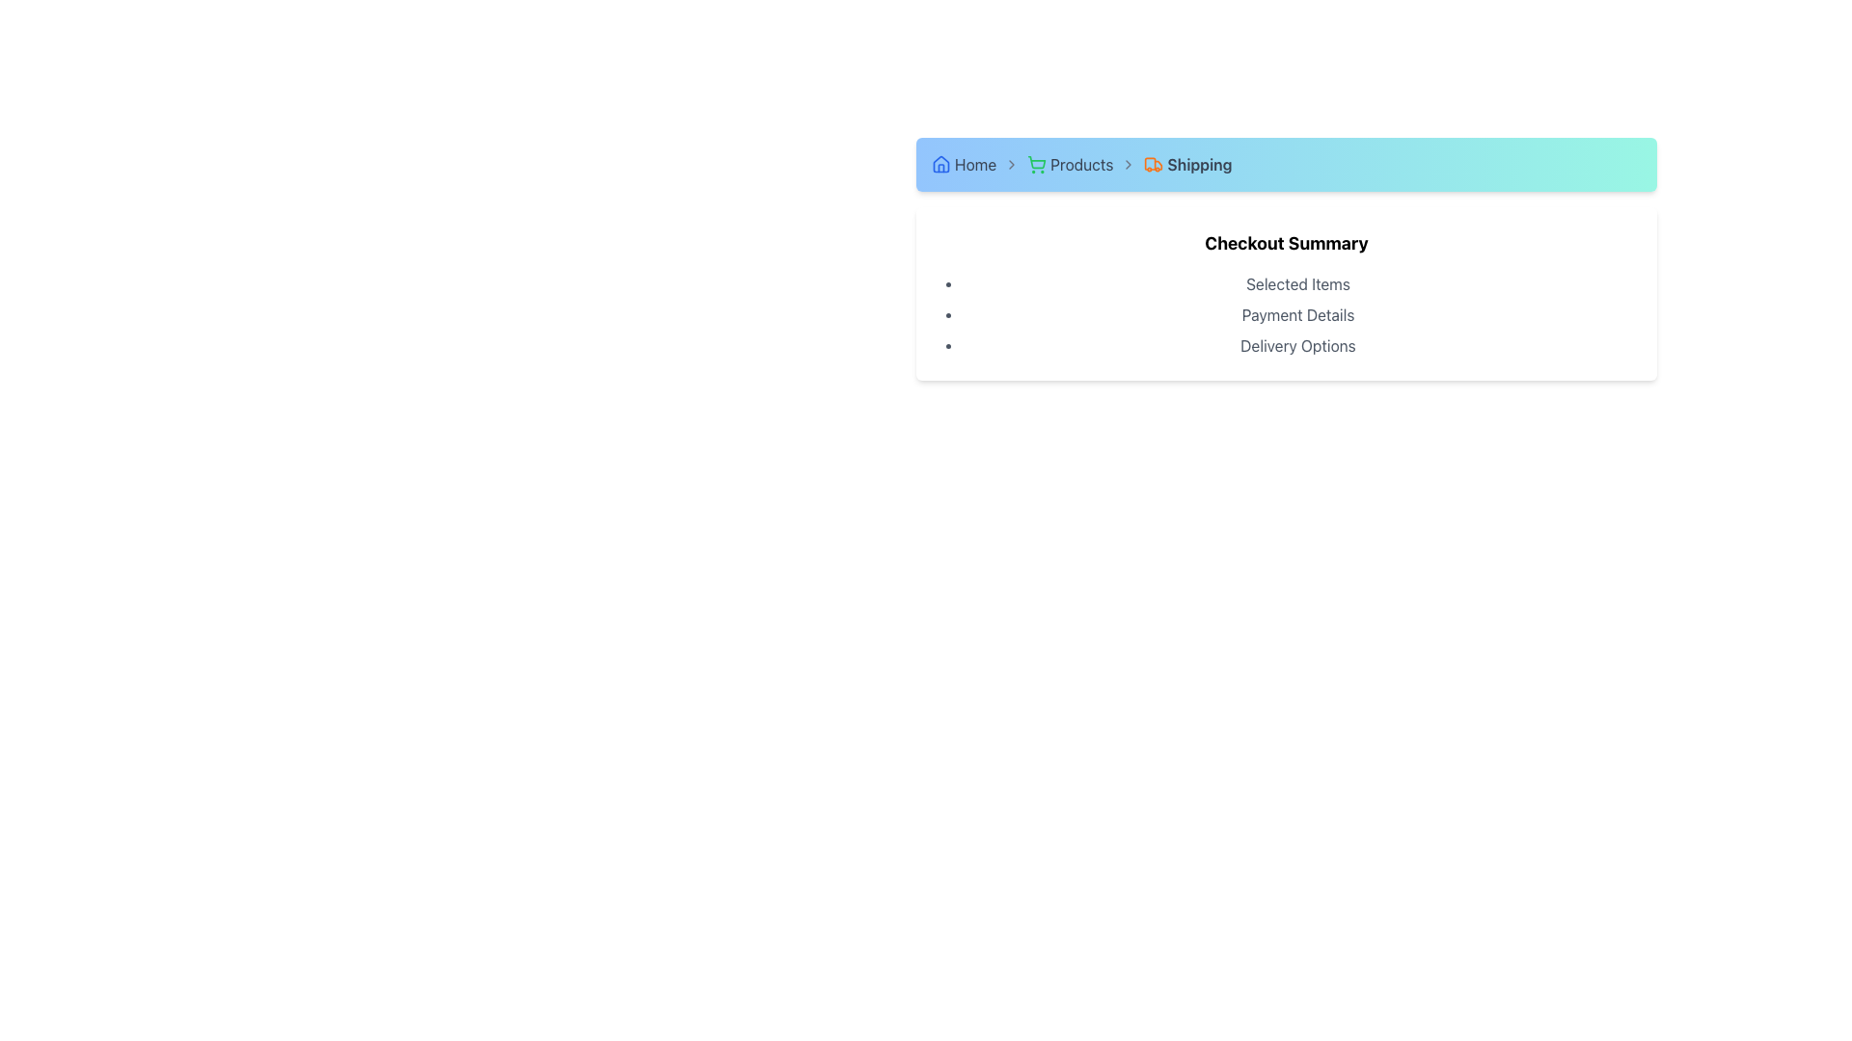 This screenshot has height=1041, width=1852. What do you see at coordinates (1151, 163) in the screenshot?
I see `the cargo compartment of the truck icon within the breadcrumb navigation, located between 'Products' and 'Shipping'` at bounding box center [1151, 163].